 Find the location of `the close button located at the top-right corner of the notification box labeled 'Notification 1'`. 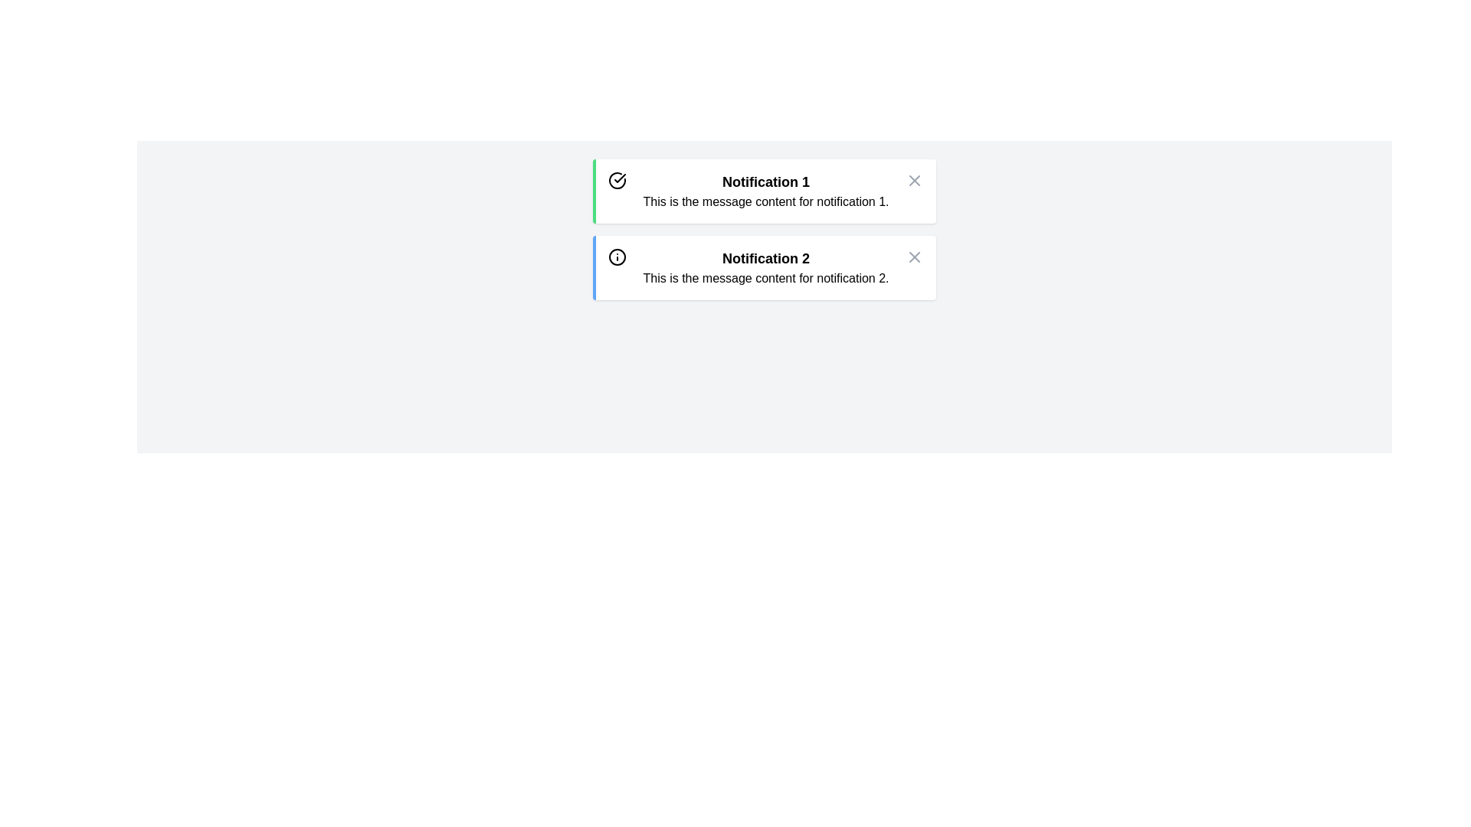

the close button located at the top-right corner of the notification box labeled 'Notification 1' is located at coordinates (915, 179).